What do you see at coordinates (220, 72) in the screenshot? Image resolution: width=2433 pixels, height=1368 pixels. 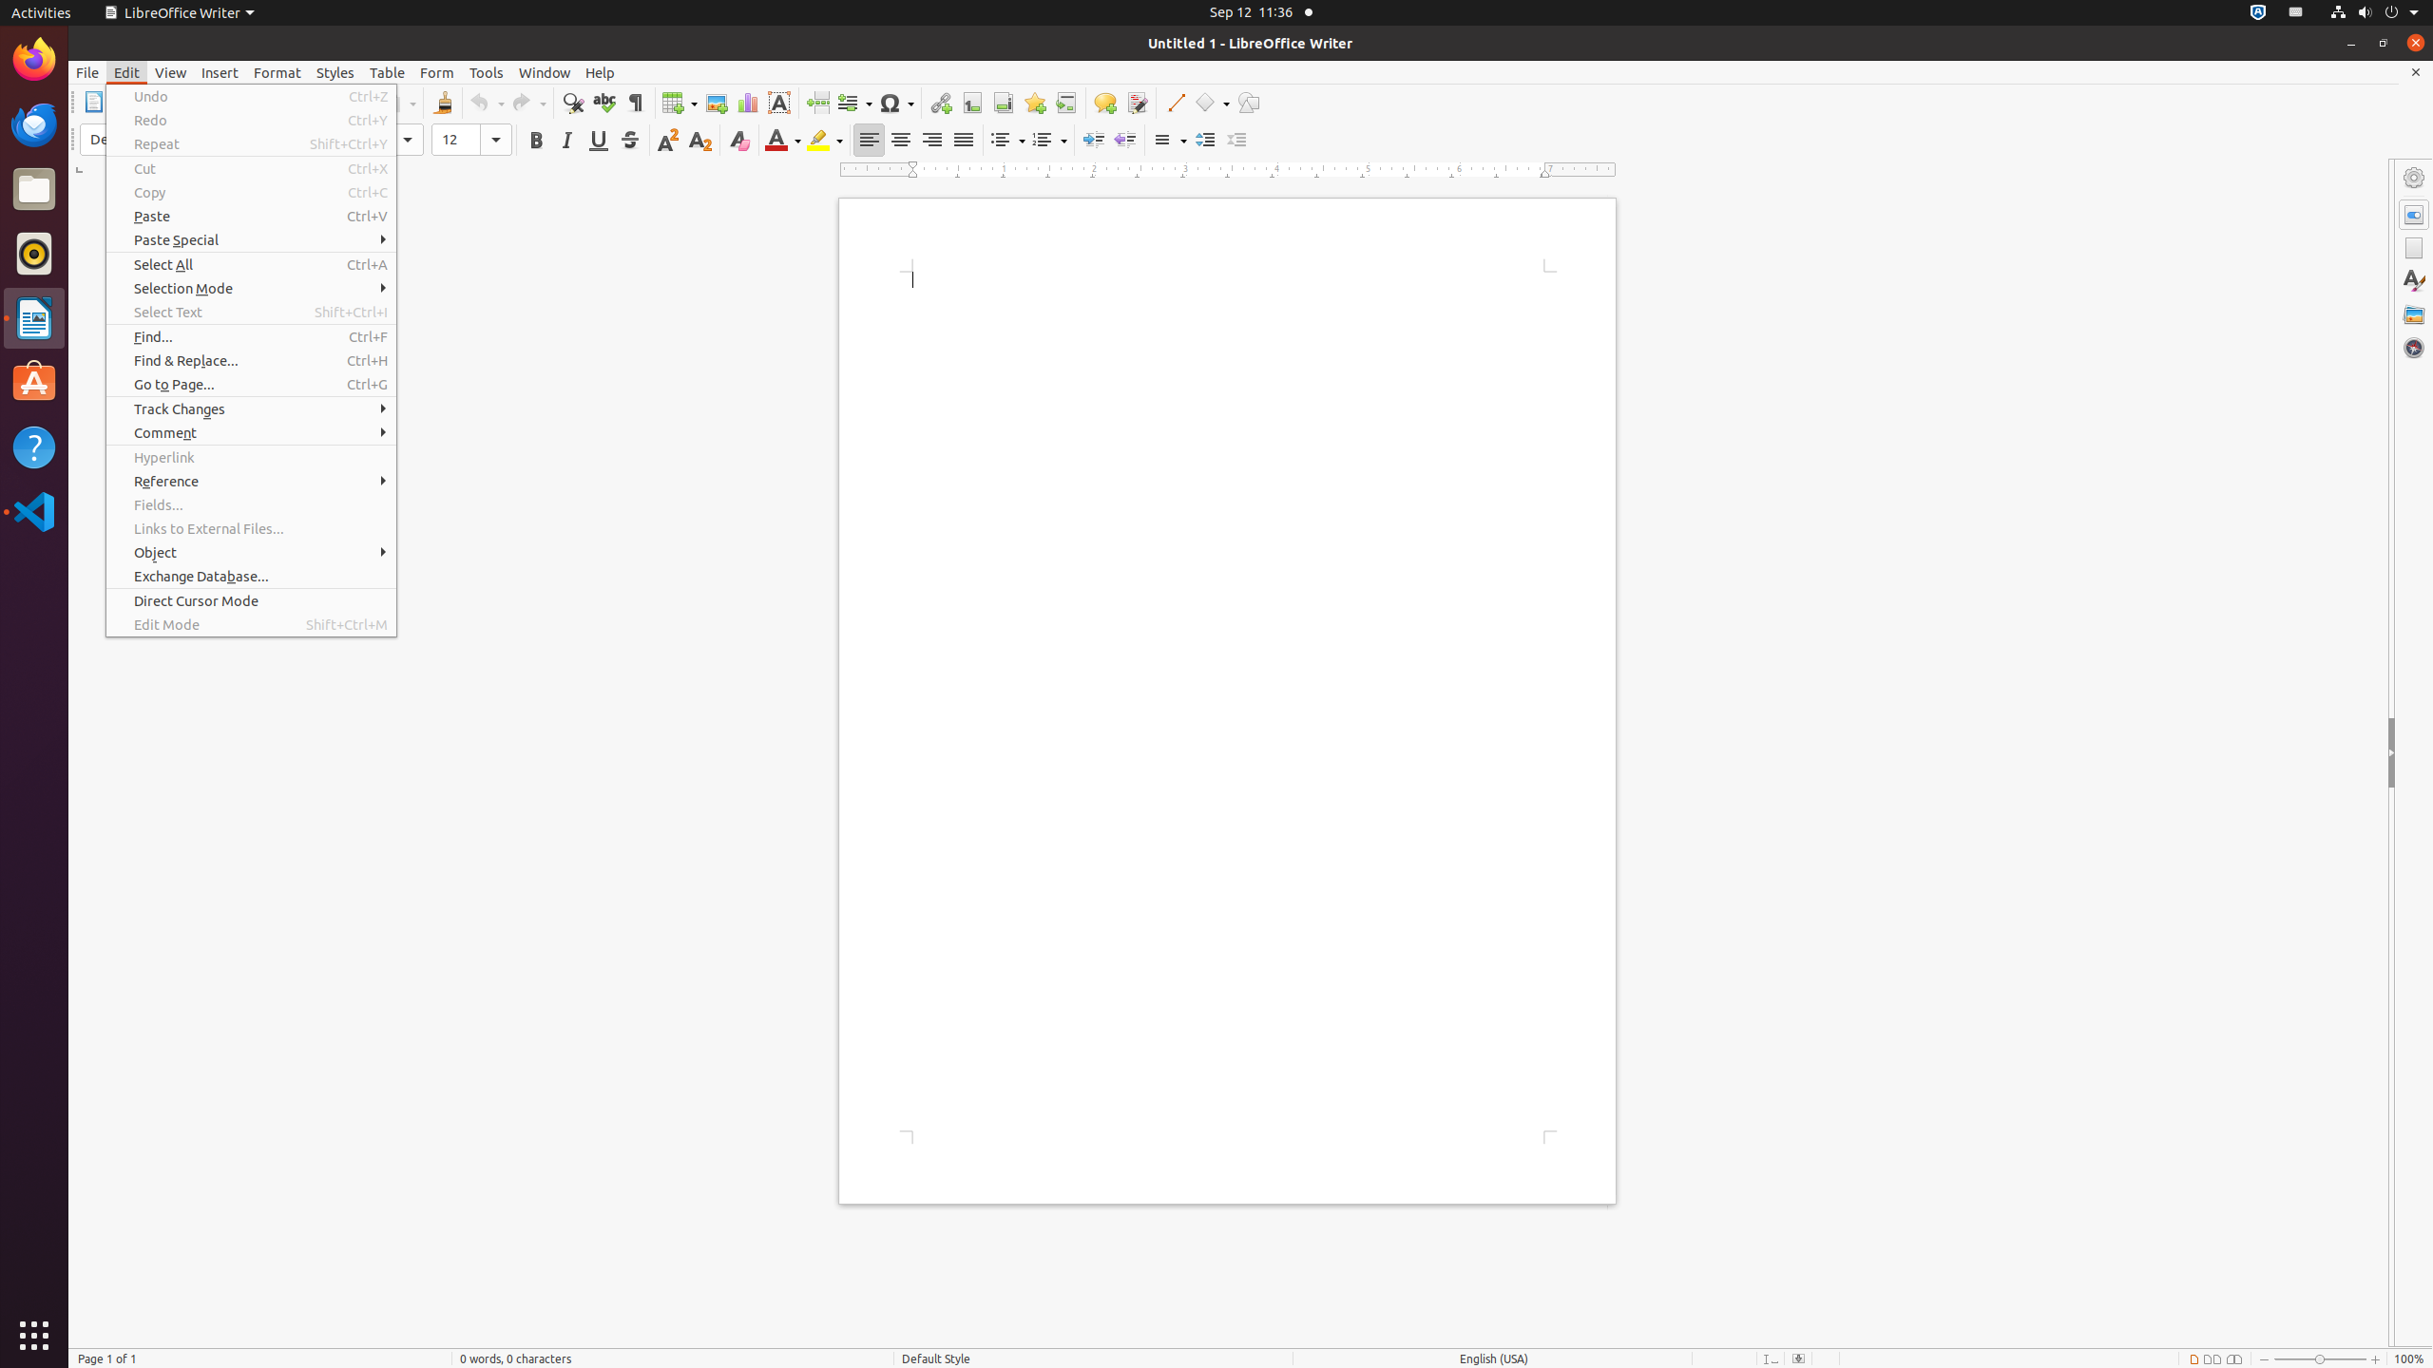 I see `'Insert'` at bounding box center [220, 72].